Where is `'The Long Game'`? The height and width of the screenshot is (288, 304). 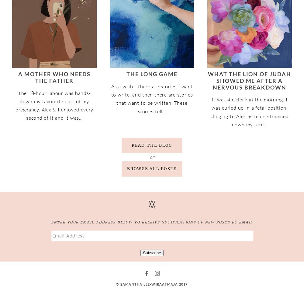
'The Long Game' is located at coordinates (151, 74).